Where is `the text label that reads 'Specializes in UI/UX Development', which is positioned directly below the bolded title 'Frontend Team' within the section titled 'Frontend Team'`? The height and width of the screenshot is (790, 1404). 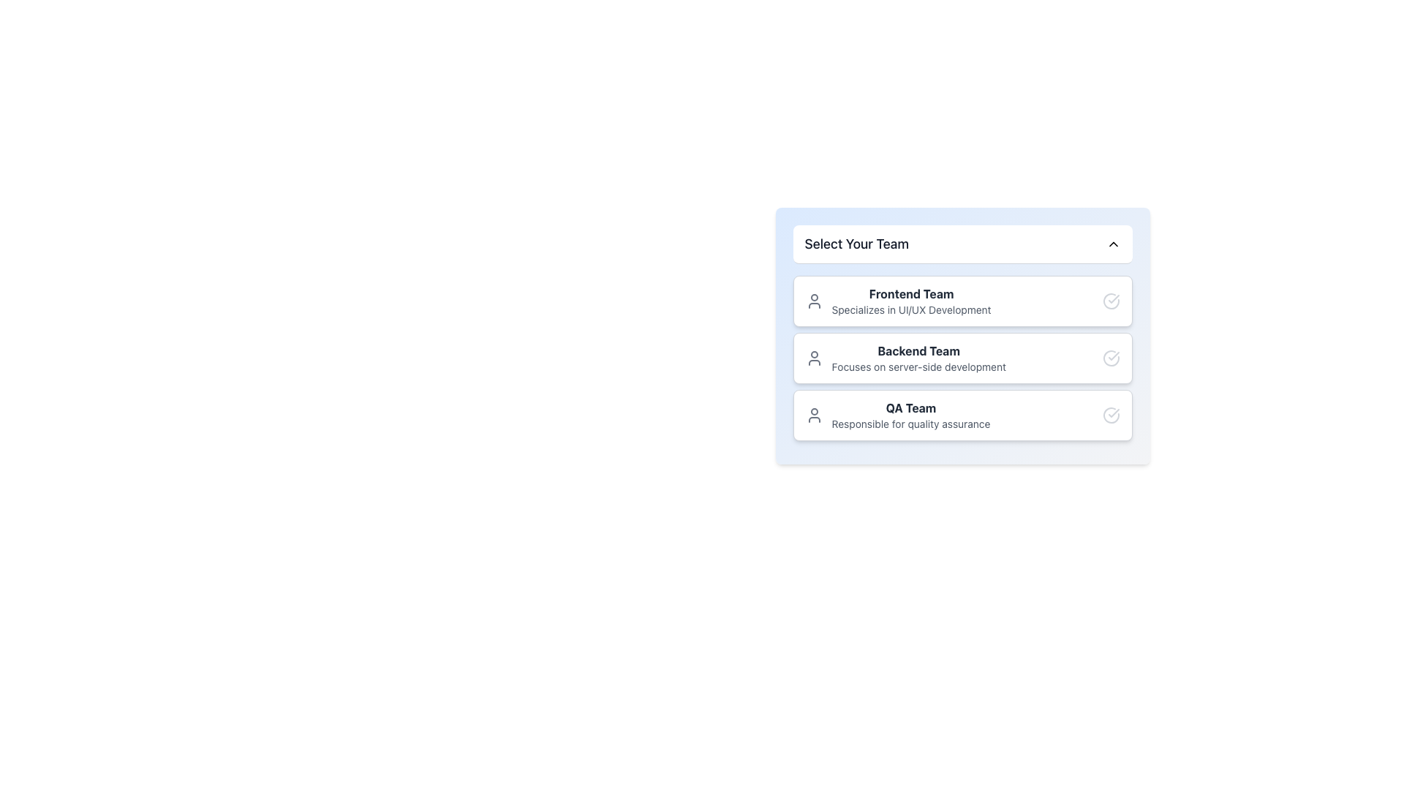
the text label that reads 'Specializes in UI/UX Development', which is positioned directly below the bolded title 'Frontend Team' within the section titled 'Frontend Team' is located at coordinates (910, 309).